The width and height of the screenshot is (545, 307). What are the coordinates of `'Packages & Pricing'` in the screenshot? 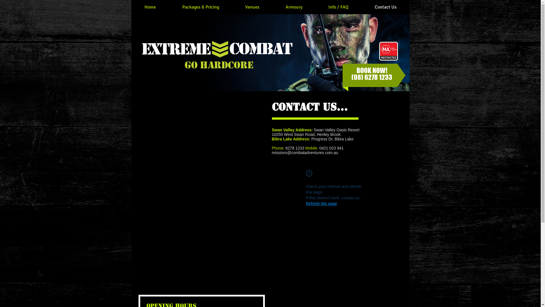 It's located at (200, 7).